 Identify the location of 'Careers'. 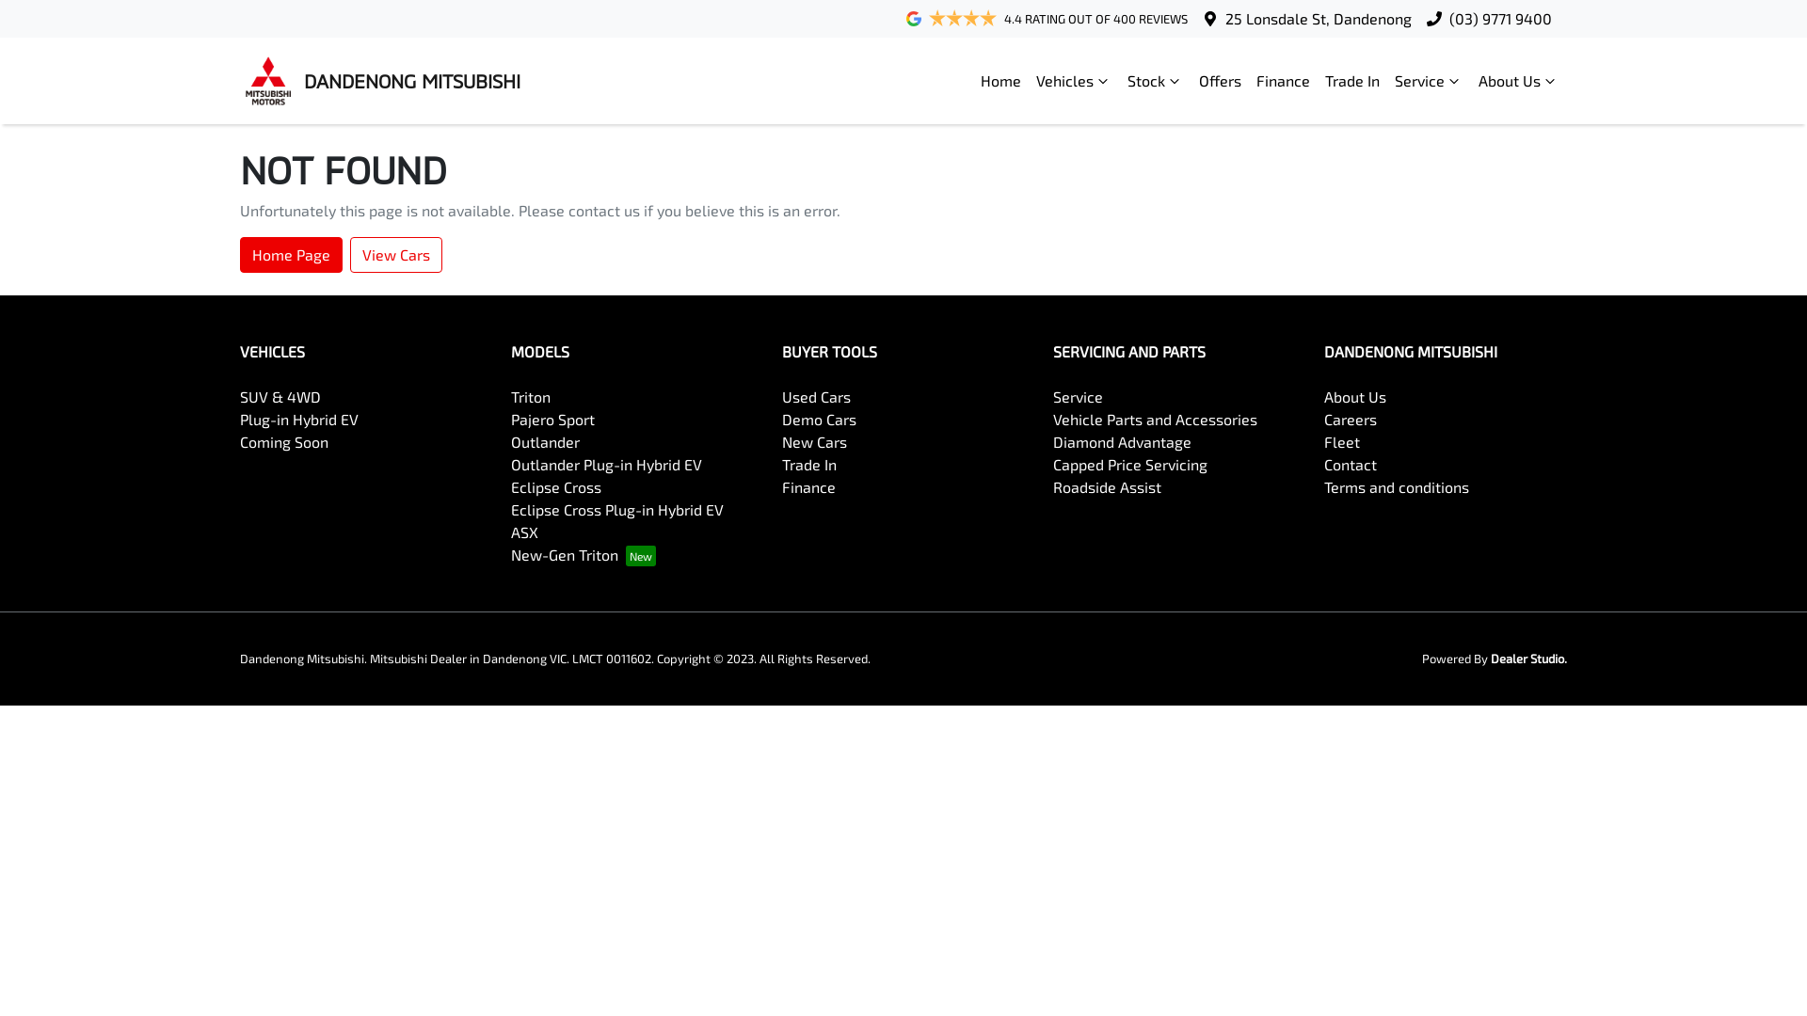
(1350, 418).